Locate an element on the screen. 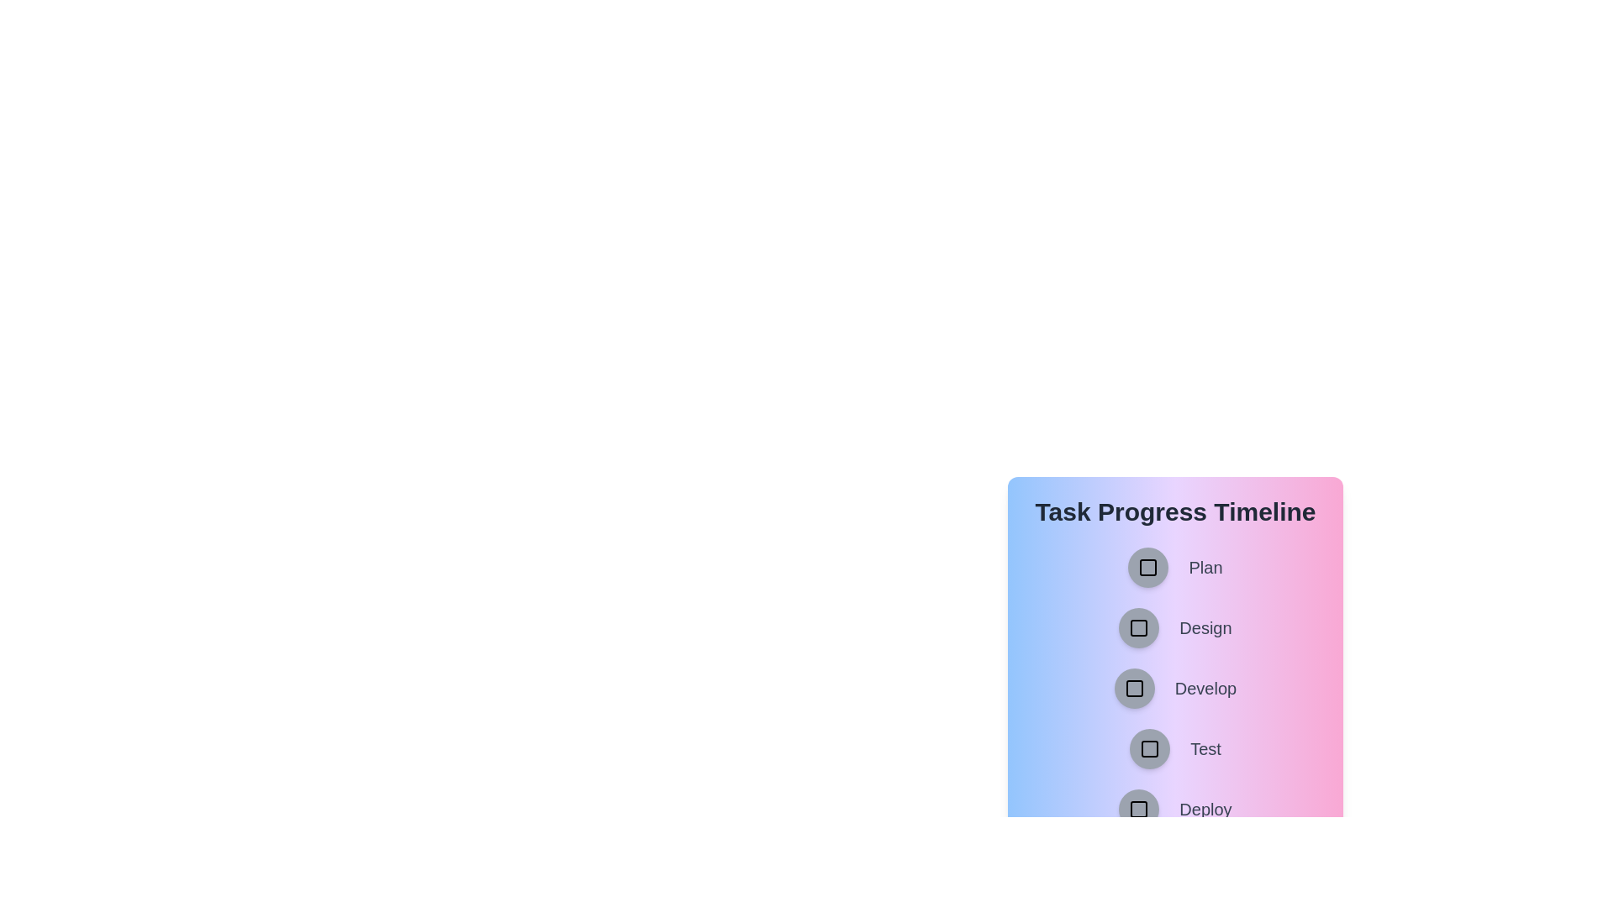  the task name associated with the button labeled Deploy is located at coordinates (1205, 809).